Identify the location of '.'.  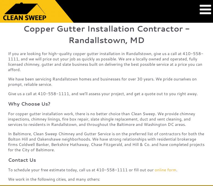
(176, 169).